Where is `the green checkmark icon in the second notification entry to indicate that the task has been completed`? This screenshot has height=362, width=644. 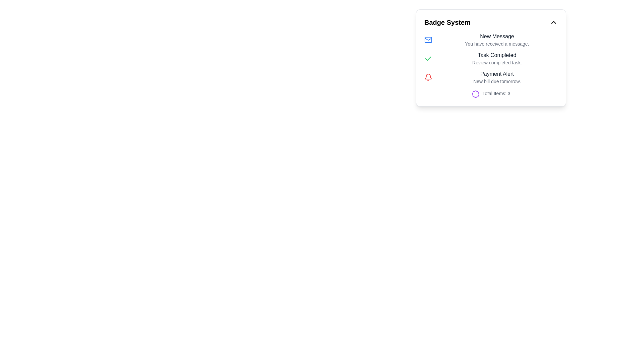
the green checkmark icon in the second notification entry to indicate that the task has been completed is located at coordinates (428, 58).